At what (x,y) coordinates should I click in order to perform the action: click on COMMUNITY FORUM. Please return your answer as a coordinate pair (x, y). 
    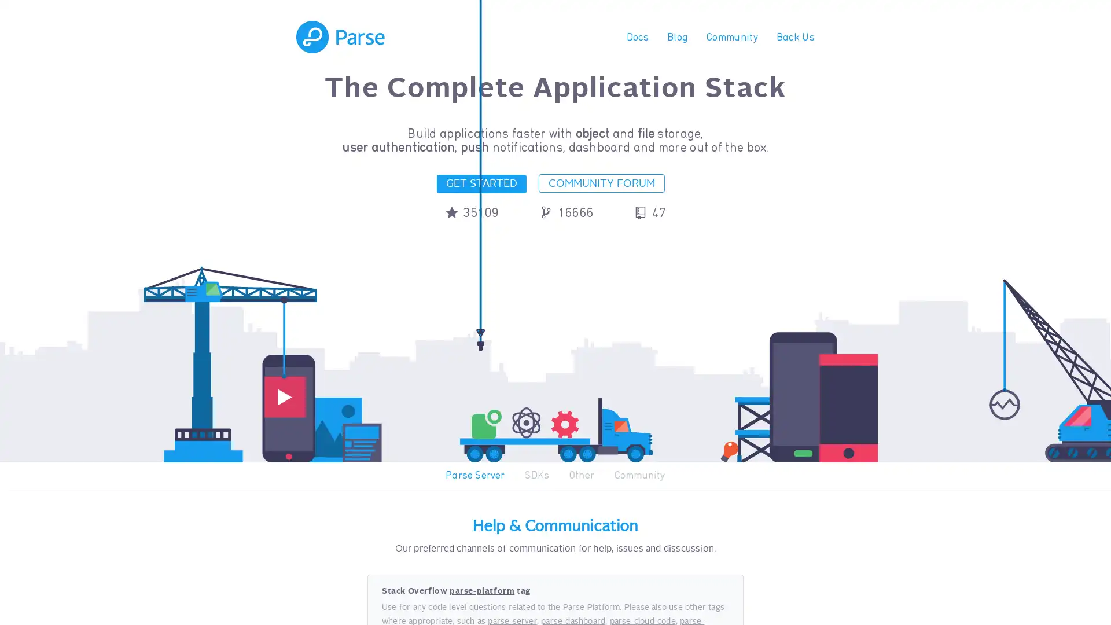
    Looking at the image, I should click on (602, 182).